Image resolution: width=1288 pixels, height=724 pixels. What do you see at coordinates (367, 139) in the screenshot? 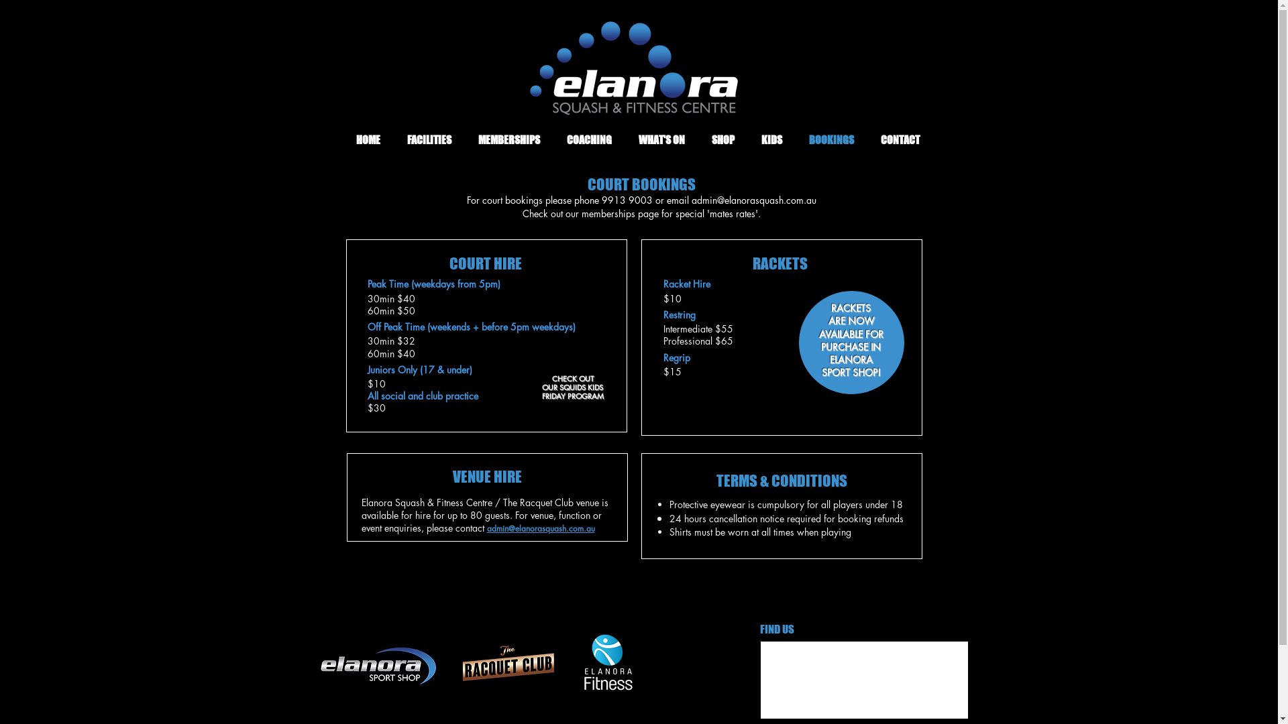
I see `'HOME'` at bounding box center [367, 139].